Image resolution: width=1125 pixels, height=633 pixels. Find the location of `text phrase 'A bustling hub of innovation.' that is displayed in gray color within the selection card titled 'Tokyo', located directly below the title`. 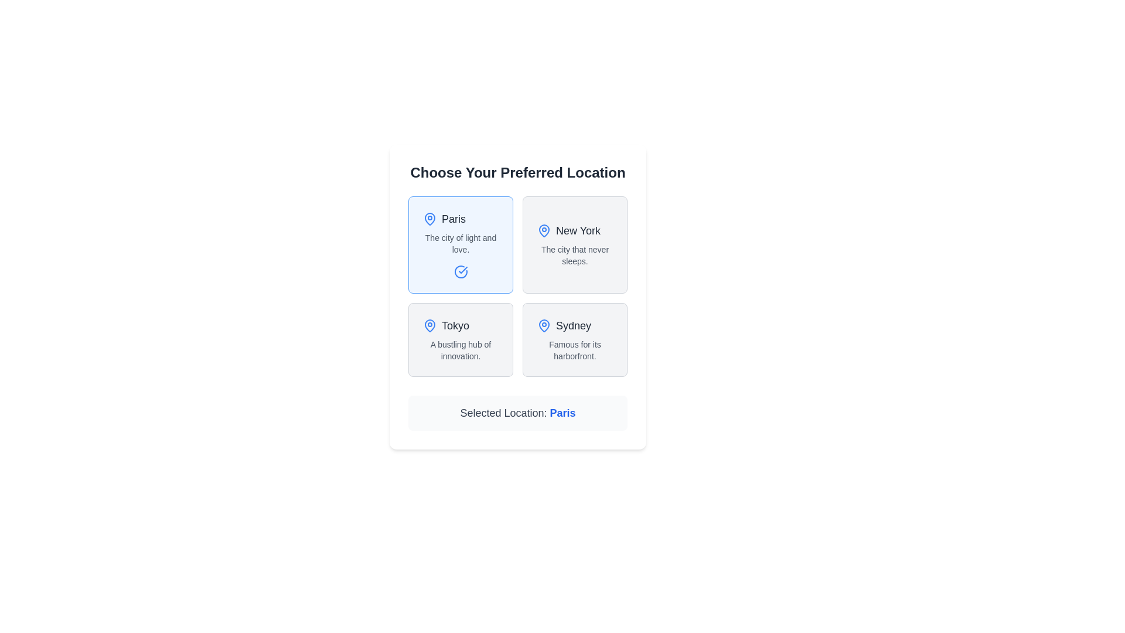

text phrase 'A bustling hub of innovation.' that is displayed in gray color within the selection card titled 'Tokyo', located directly below the title is located at coordinates (460, 349).